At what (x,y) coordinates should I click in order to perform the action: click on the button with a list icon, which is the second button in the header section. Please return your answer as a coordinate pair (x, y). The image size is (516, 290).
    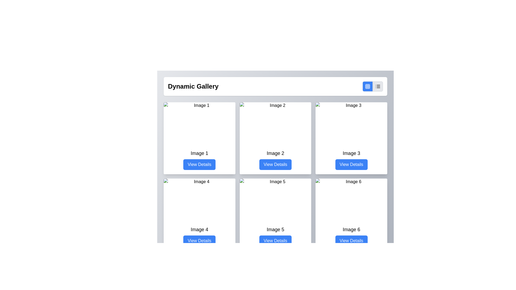
    Looking at the image, I should click on (378, 86).